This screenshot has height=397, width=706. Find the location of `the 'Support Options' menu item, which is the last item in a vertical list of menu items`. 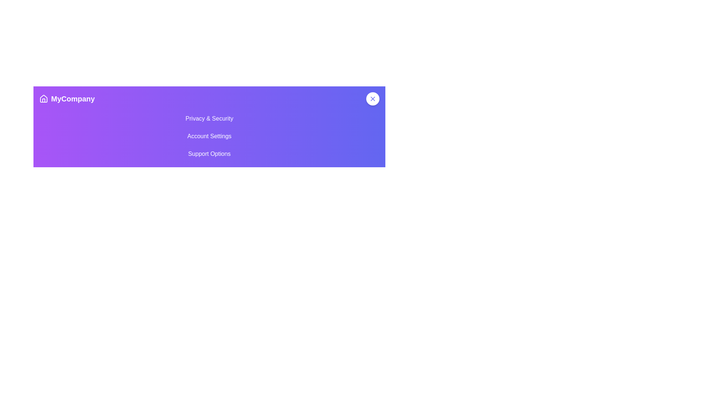

the 'Support Options' menu item, which is the last item in a vertical list of menu items is located at coordinates (209, 154).